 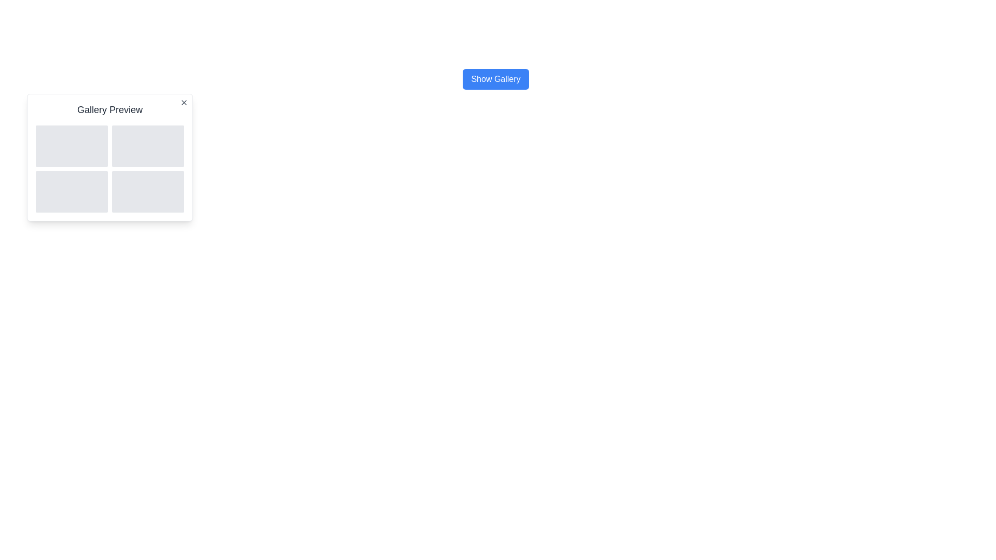 What do you see at coordinates (71, 192) in the screenshot?
I see `the Placeholder box, which is the third element in a grid of four boxes located in the first column of the second row` at bounding box center [71, 192].